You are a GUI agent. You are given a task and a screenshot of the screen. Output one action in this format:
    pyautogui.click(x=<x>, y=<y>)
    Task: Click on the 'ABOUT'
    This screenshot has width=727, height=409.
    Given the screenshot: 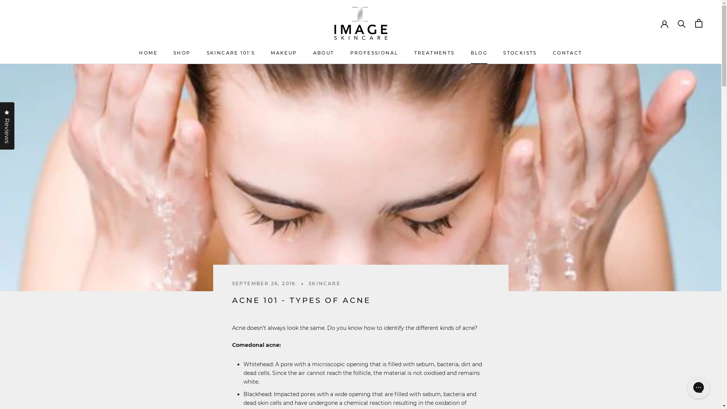 What is the action you would take?
    pyautogui.click(x=323, y=52)
    